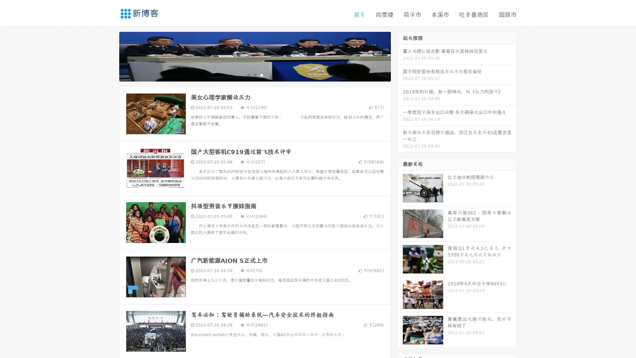 This screenshot has width=636, height=358. I want to click on Go to slide 3, so click(261, 75).